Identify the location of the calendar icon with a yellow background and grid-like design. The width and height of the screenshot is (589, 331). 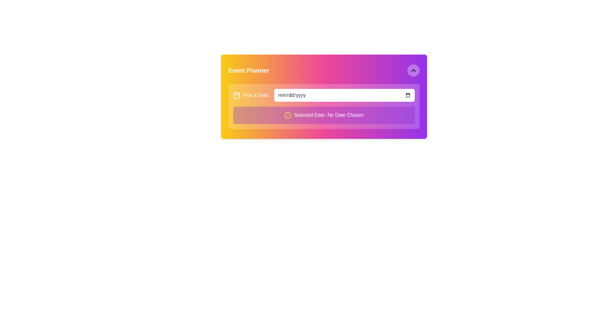
(237, 95).